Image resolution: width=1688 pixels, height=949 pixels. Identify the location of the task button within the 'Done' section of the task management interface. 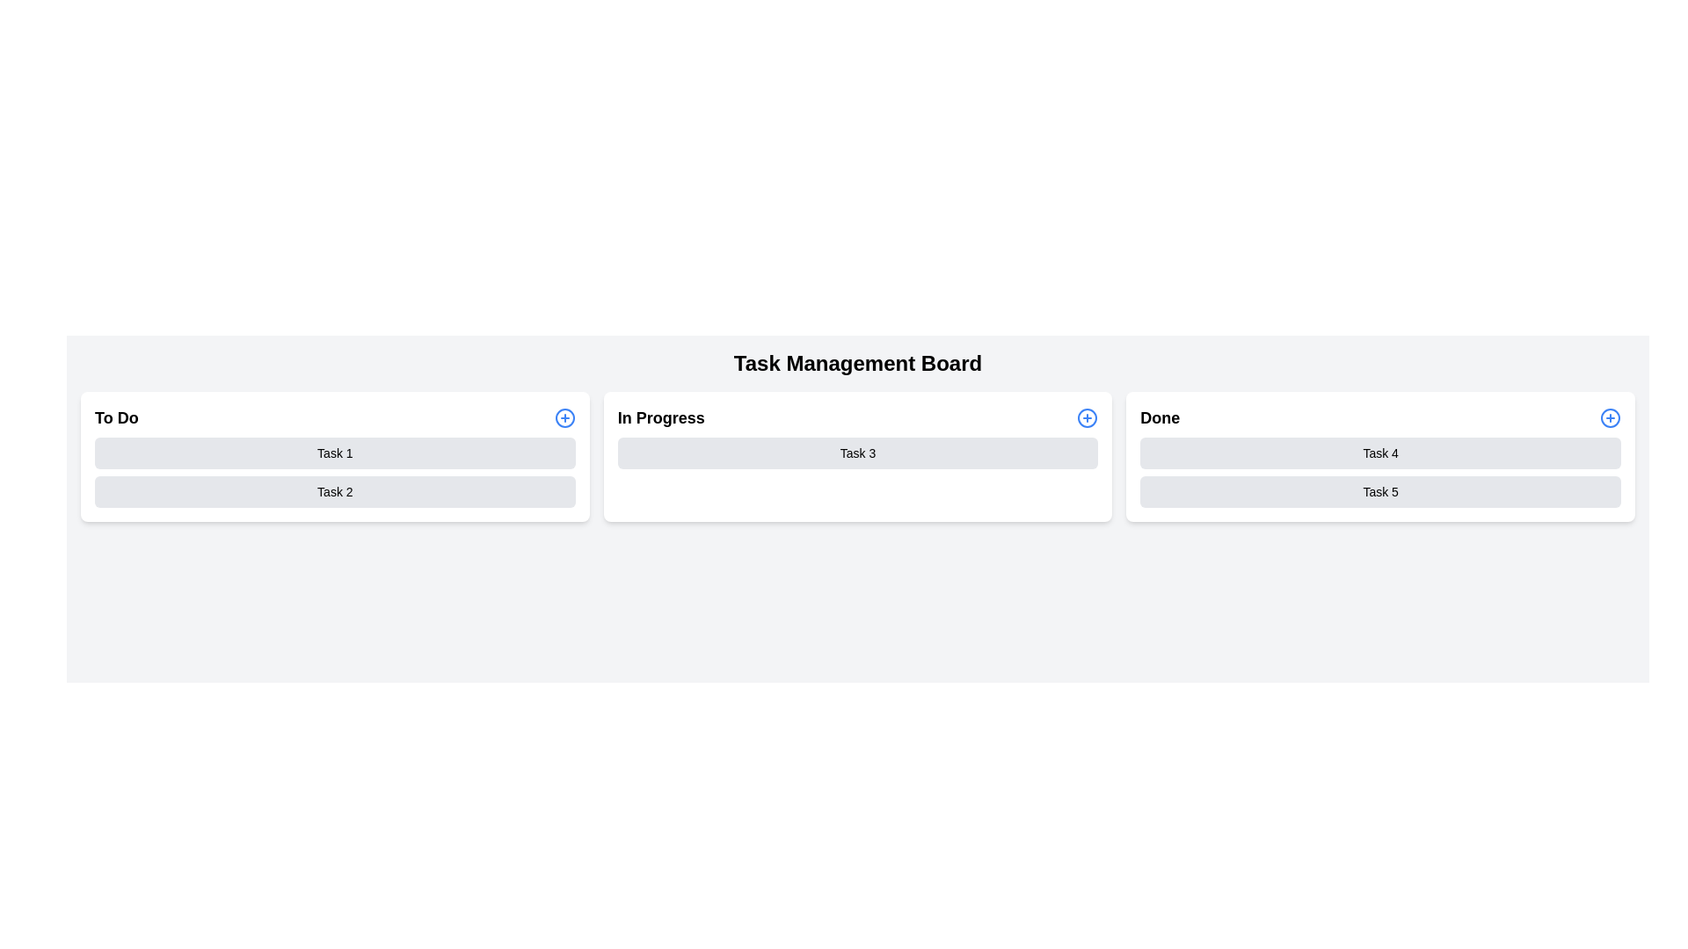
(1379, 456).